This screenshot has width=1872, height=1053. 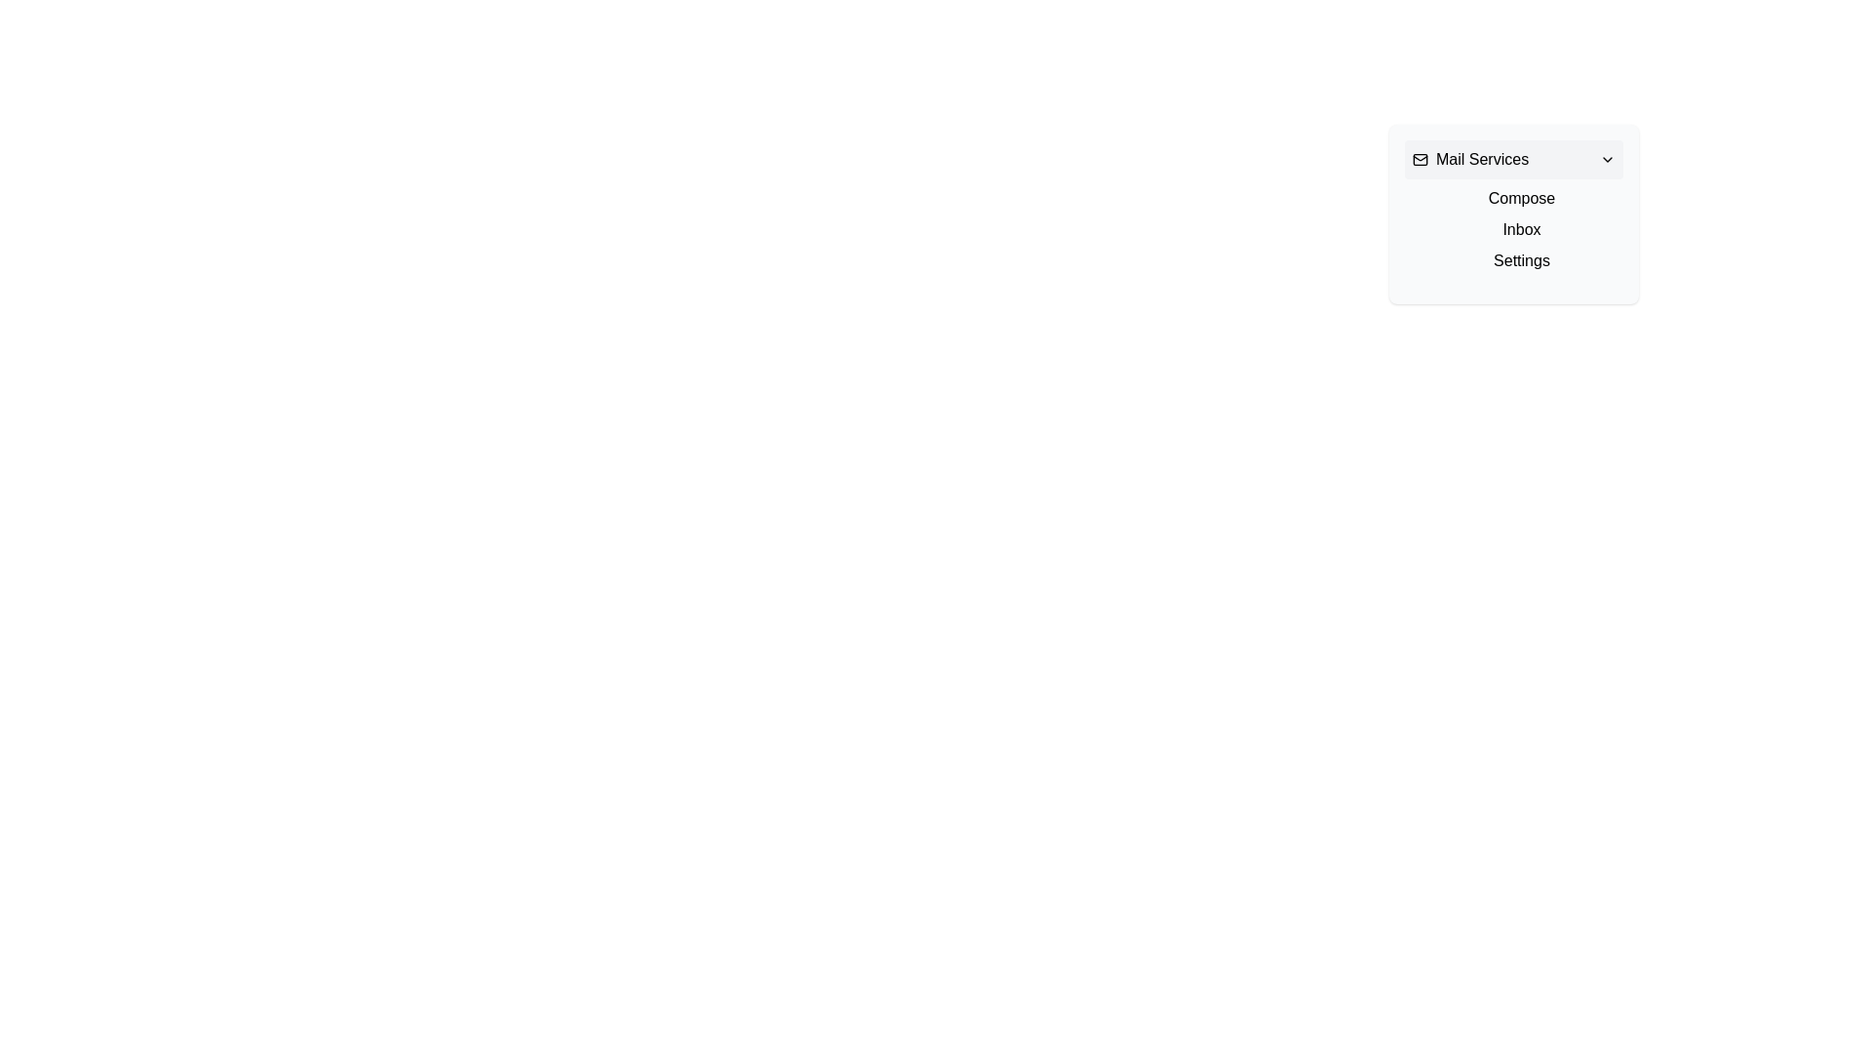 What do you see at coordinates (1482, 159) in the screenshot?
I see `the Text Label that represents a section related to mail services, positioned between an envelope icon and a dropdown indicator` at bounding box center [1482, 159].